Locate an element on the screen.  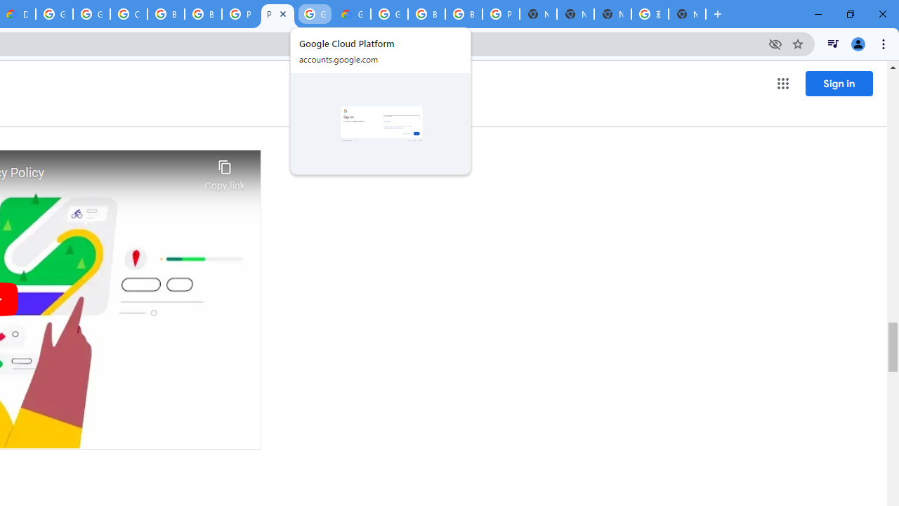
'Browse Chrome as a guest - Computer - Google Chrome Help' is located at coordinates (426, 14).